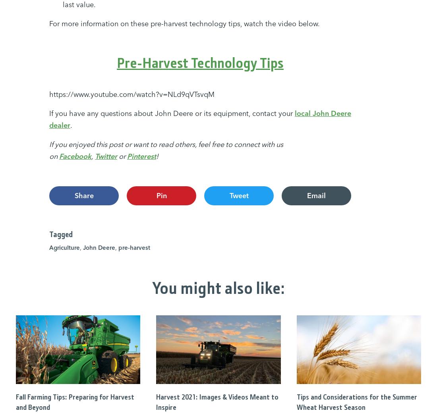  Describe the element at coordinates (156, 401) in the screenshot. I see `'Harvest 2021: Images & Videos Meant to Inspire'` at that location.